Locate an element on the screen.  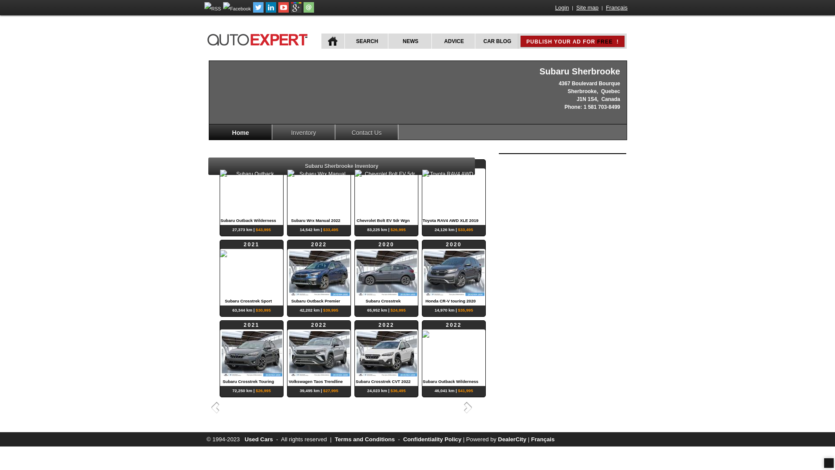
'autoExpert.ca' is located at coordinates (258, 38).